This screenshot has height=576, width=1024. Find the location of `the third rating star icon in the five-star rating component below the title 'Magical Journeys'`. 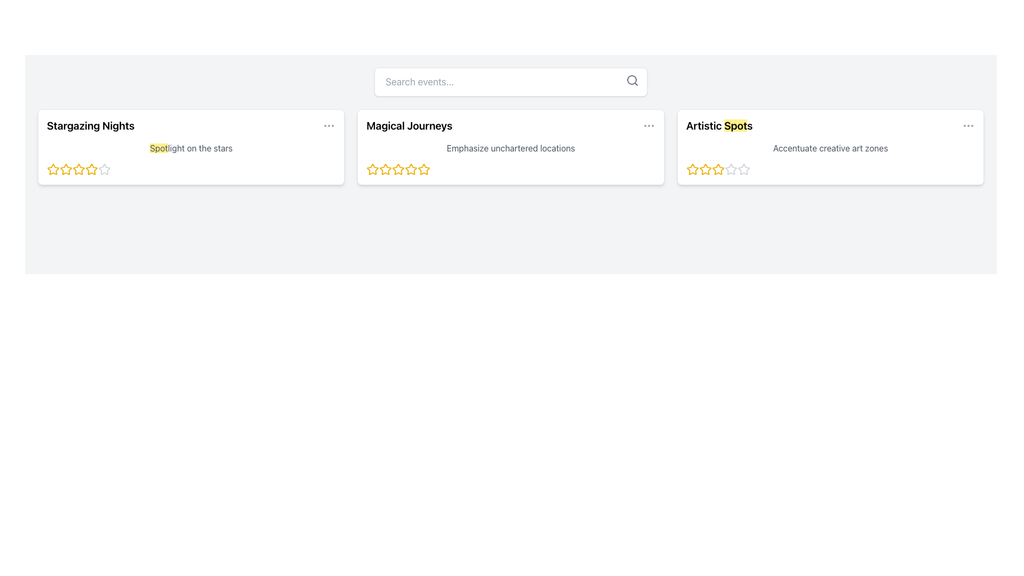

the third rating star icon in the five-star rating component below the title 'Magical Journeys' is located at coordinates (385, 169).